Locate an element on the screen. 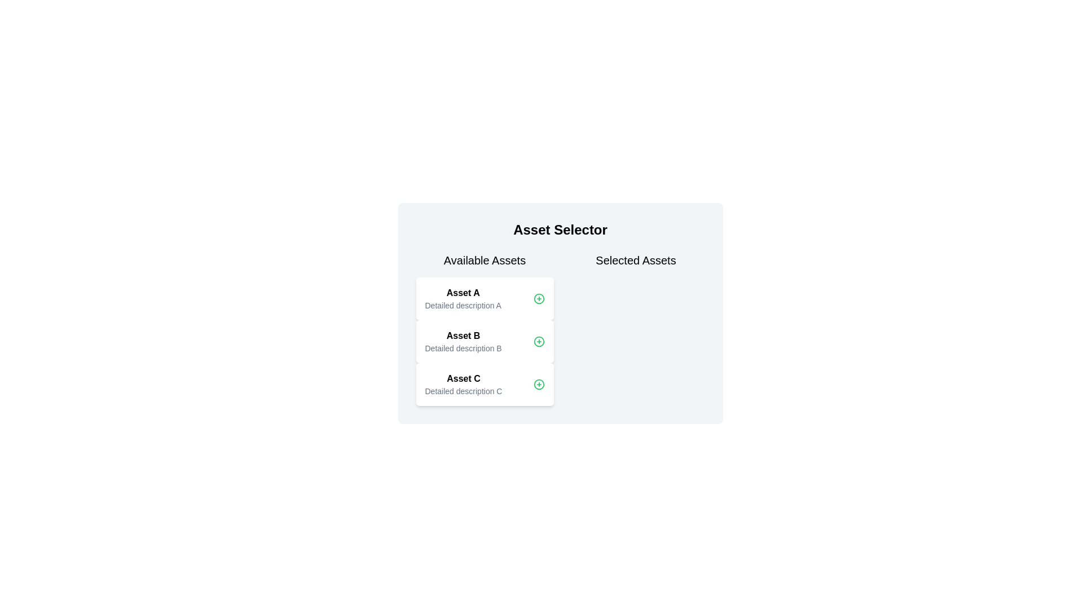 This screenshot has width=1083, height=609. the second item in the 'Available Assets' list, which contains the title 'Asset B', a description, and a green '+' icon is located at coordinates (485, 341).